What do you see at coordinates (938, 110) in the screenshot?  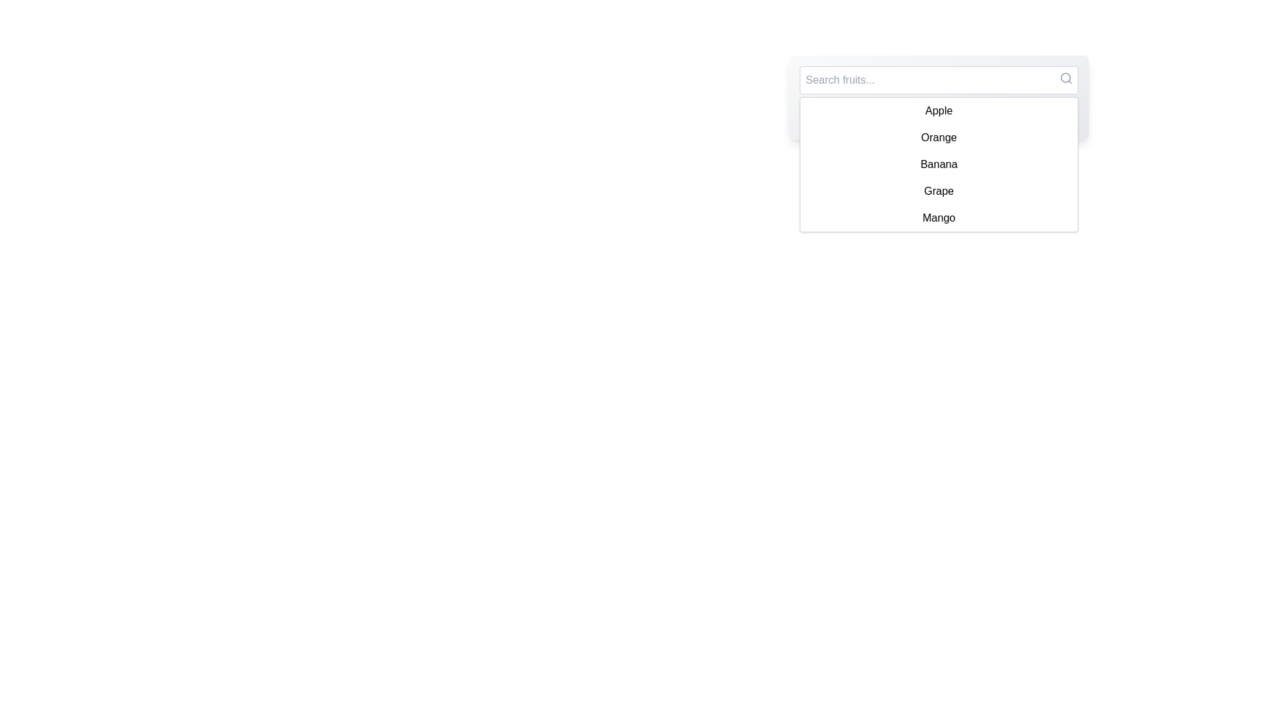 I see `the first item in the dropdown list under the search input box to trigger a visual effect` at bounding box center [938, 110].